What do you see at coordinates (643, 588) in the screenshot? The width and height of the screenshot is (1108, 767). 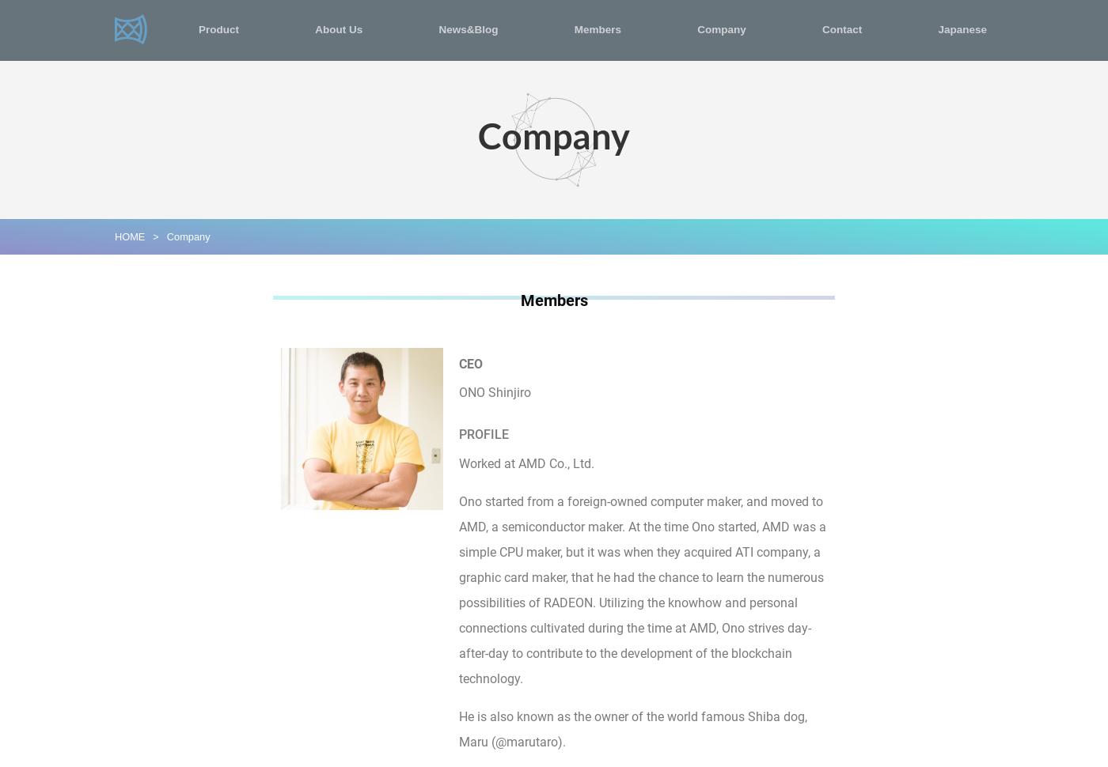 I see `'Ono started from a foreign-owned computer maker, and moved to AMD, a semiconductor maker. At the time Ono started, AMD was a simple CPU maker, but it was when they acquired ATI company, a graphic card maker, that he had the chance to learn the numerous possibilities of RADEON. Utilizing the knowhow and personal connections cultivated during the time at AMD, Ono strives day-after-day to contribute to the development of the blockchain technology.'` at bounding box center [643, 588].